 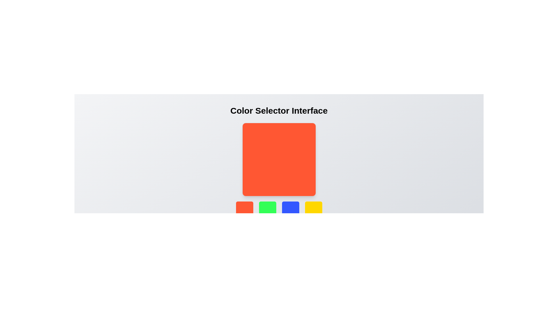 I want to click on the yellow square tile with rounded corners, which is the fourth button in a row of tiles at the bottom of the interface, so click(x=313, y=210).